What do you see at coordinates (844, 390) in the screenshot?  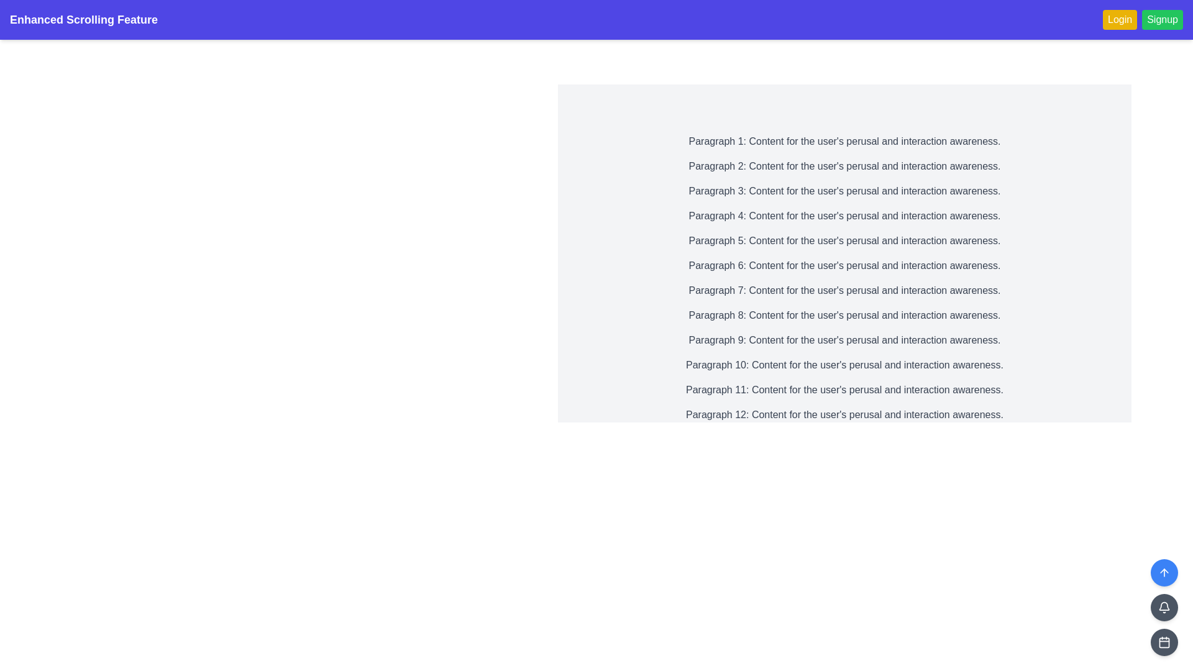 I see `the text of the 11th paragraph labeled 'Paragraph 11: Content for the user's perusal and interaction awareness.'` at bounding box center [844, 390].